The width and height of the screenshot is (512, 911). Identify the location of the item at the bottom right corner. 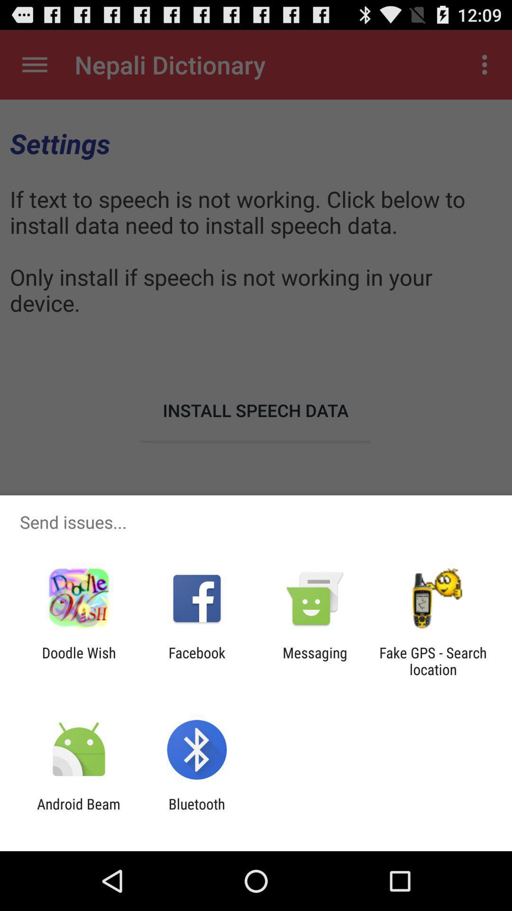
(433, 660).